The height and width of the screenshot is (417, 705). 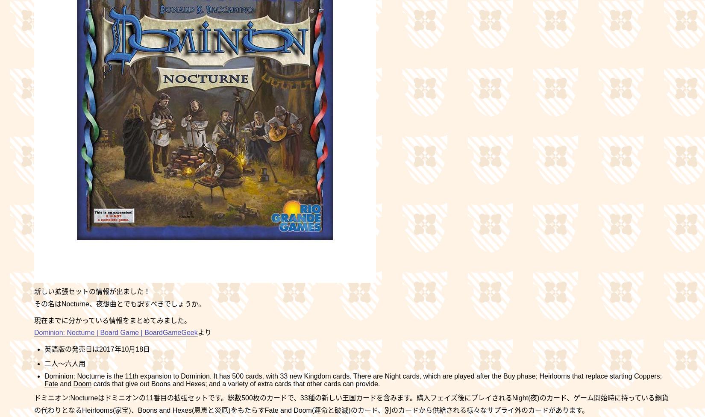 I want to click on 'Dominion: Nocturne is the 11th expansion to Dominion. It has 500 cards, with 33 new Kingdom cards. There are Night cards, which are played after the Buy phase; Heirlooms that replace starting Coppers;', so click(x=352, y=376).